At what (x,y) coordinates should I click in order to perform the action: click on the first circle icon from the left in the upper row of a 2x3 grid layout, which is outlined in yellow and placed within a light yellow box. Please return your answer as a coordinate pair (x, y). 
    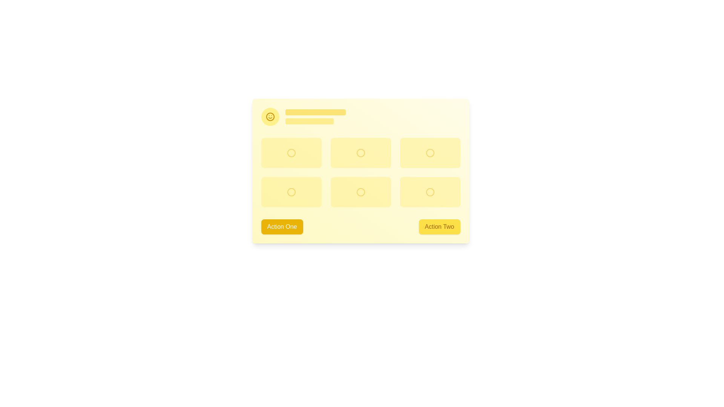
    Looking at the image, I should click on (291, 153).